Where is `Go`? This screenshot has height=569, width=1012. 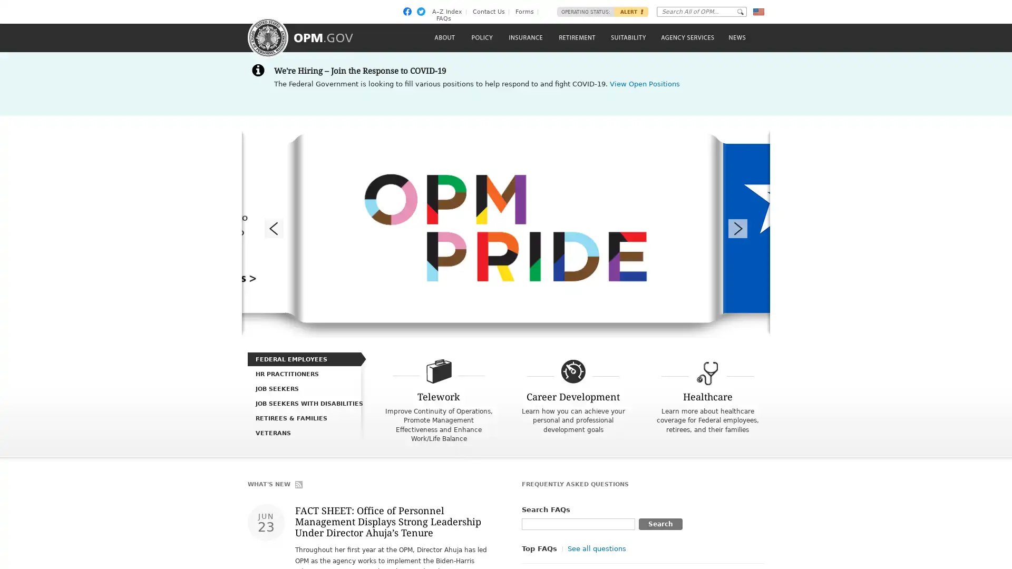
Go is located at coordinates (740, 12).